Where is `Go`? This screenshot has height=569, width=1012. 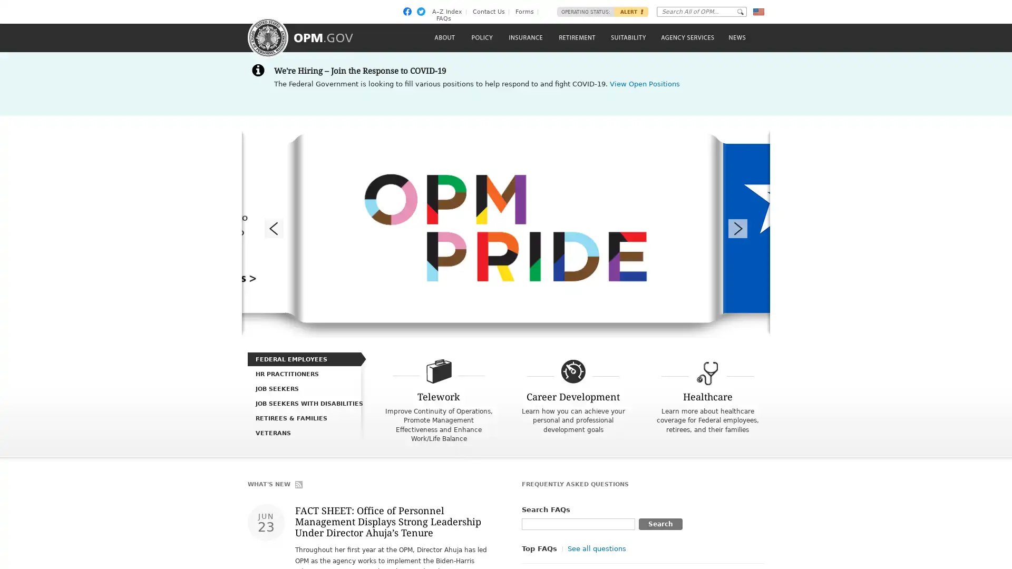
Go is located at coordinates (740, 12).